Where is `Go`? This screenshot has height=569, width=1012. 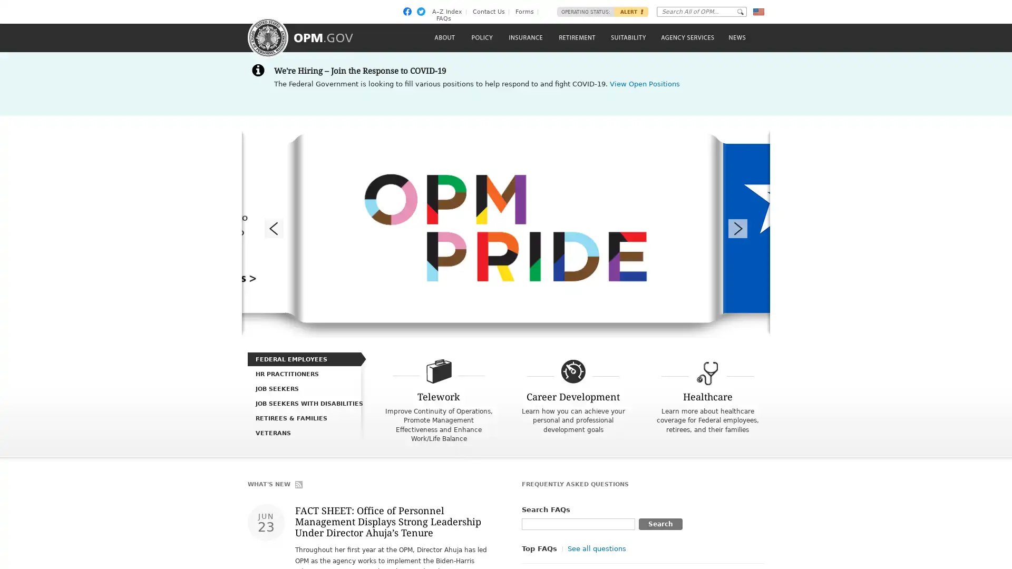
Go is located at coordinates (740, 12).